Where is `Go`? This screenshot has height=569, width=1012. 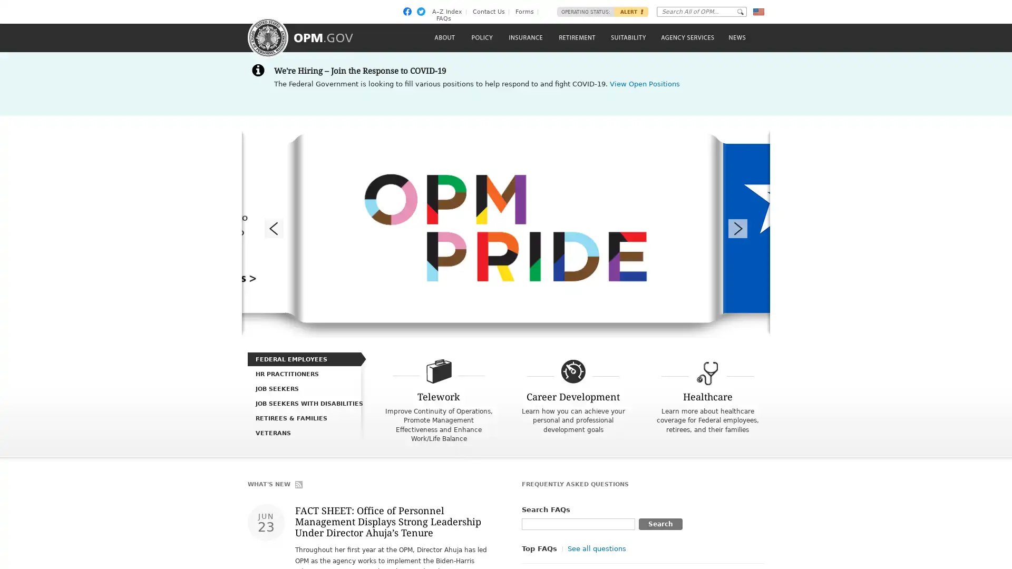
Go is located at coordinates (740, 12).